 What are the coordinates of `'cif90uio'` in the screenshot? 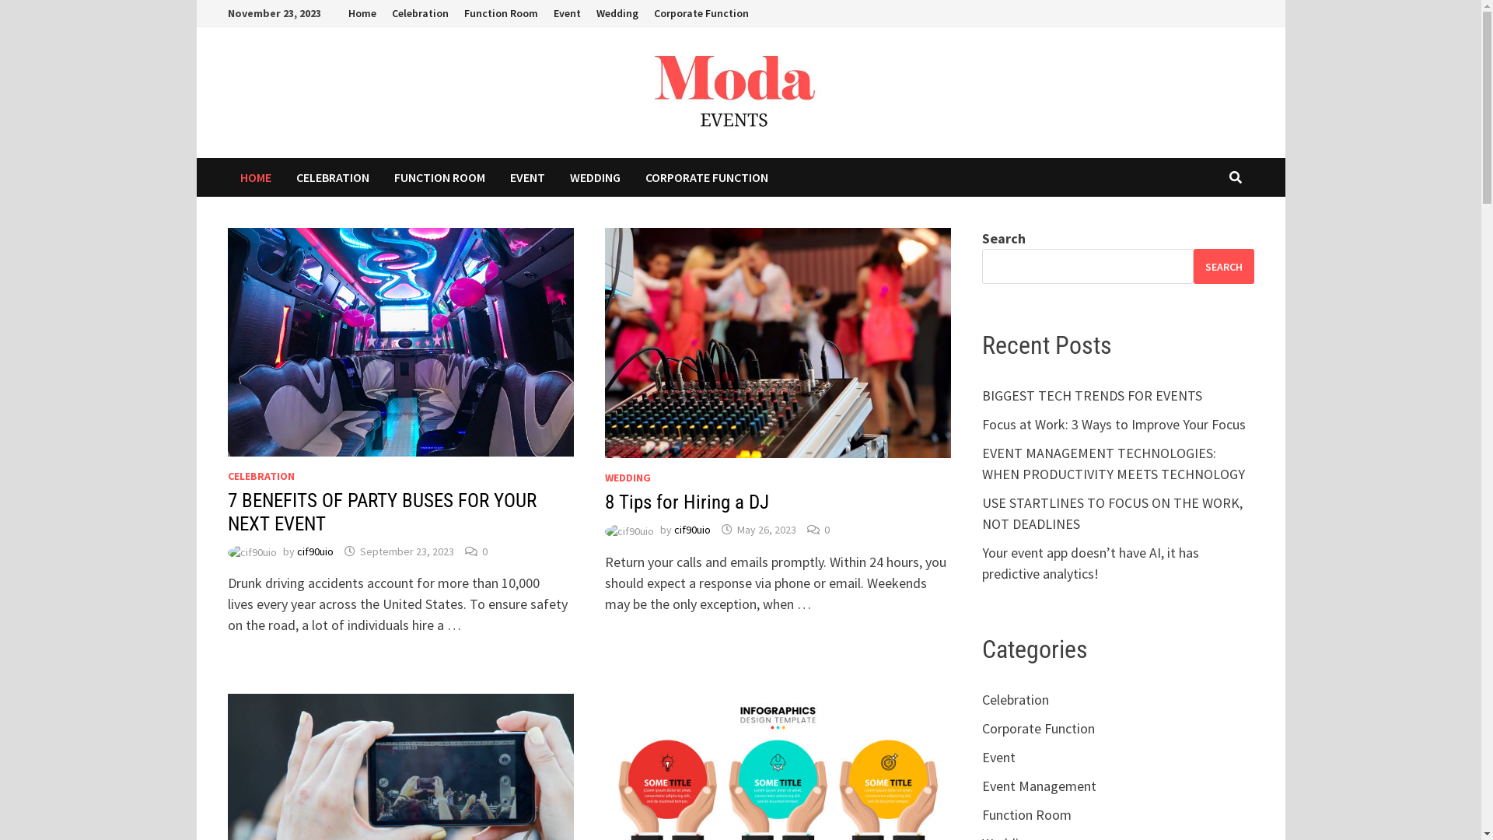 It's located at (691, 529).